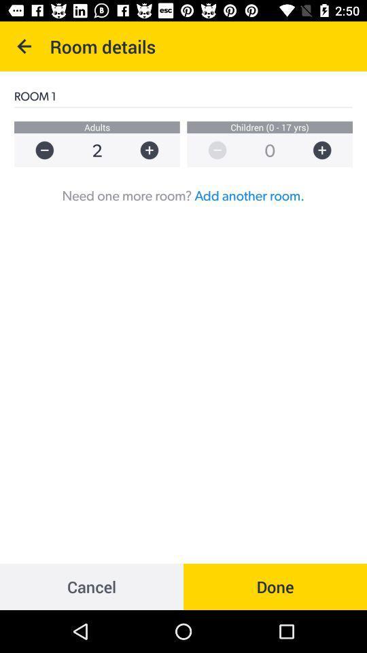 This screenshot has width=367, height=653. Describe the element at coordinates (275, 586) in the screenshot. I see `the done at the bottom right corner` at that location.